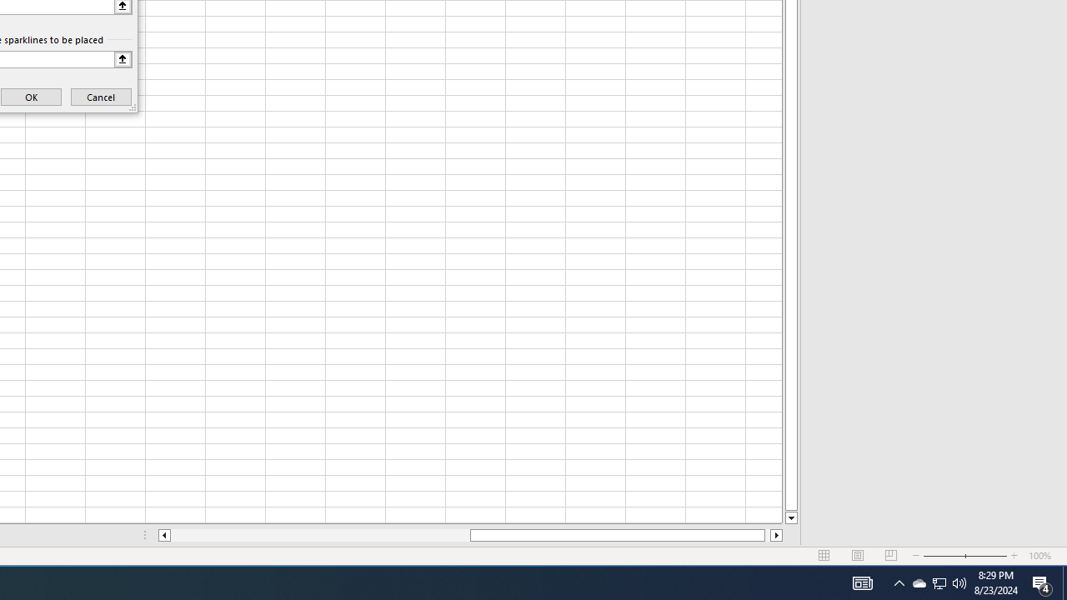 This screenshot has width=1067, height=600. Describe the element at coordinates (890, 556) in the screenshot. I see `'Page Break Preview'` at that location.